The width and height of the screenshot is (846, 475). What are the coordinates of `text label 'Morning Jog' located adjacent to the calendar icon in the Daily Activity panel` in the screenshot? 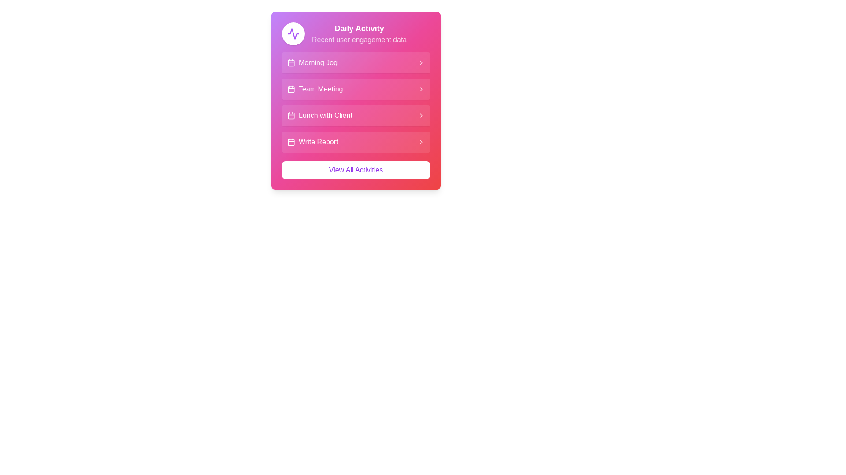 It's located at (312, 62).